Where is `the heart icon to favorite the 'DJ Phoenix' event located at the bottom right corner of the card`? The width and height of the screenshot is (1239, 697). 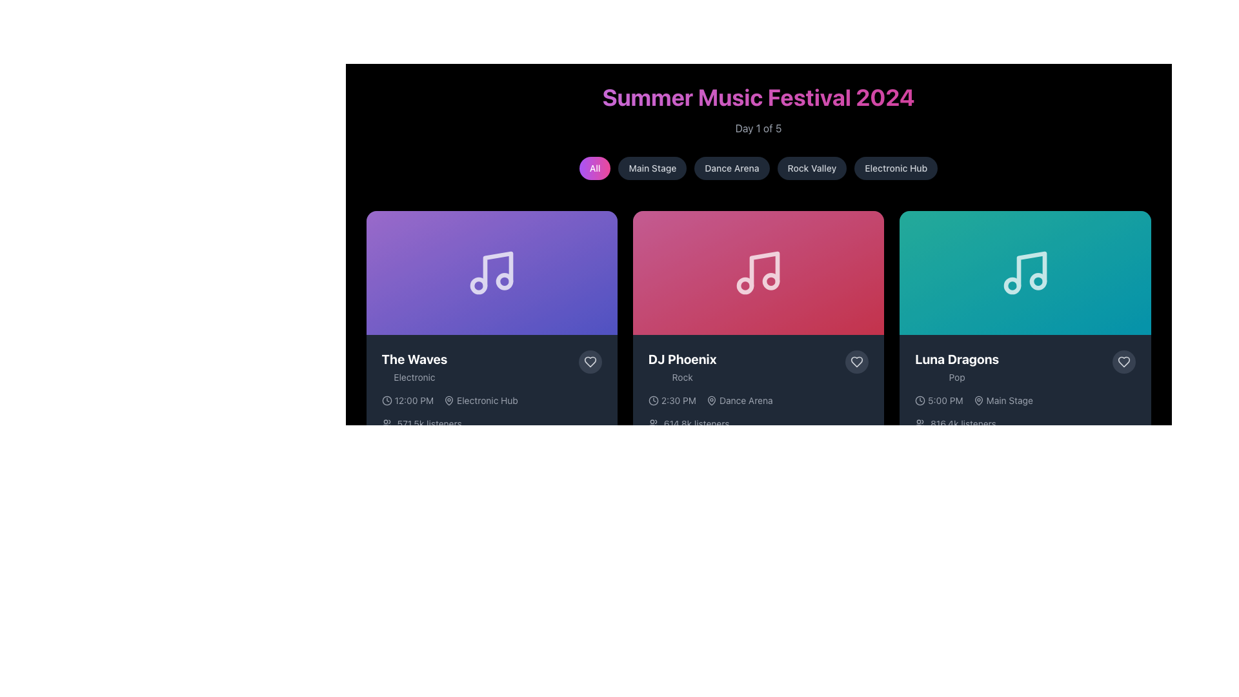
the heart icon to favorite the 'DJ Phoenix' event located at the bottom right corner of the card is located at coordinates (857, 361).